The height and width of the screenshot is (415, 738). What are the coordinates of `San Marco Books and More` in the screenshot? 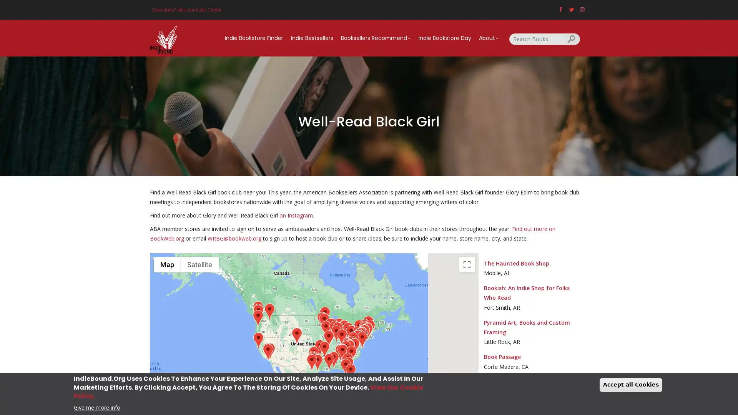 It's located at (347, 360).